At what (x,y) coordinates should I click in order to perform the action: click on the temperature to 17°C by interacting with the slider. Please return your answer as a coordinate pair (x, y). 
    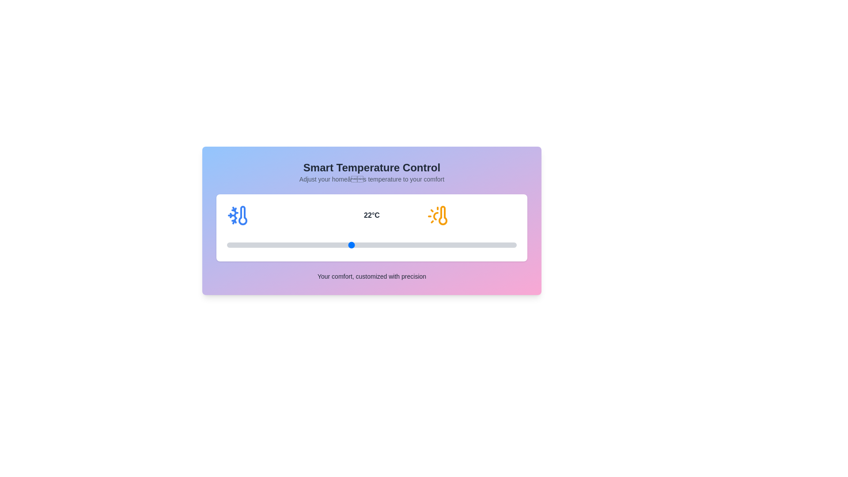
    Looking at the image, I should click on (247, 245).